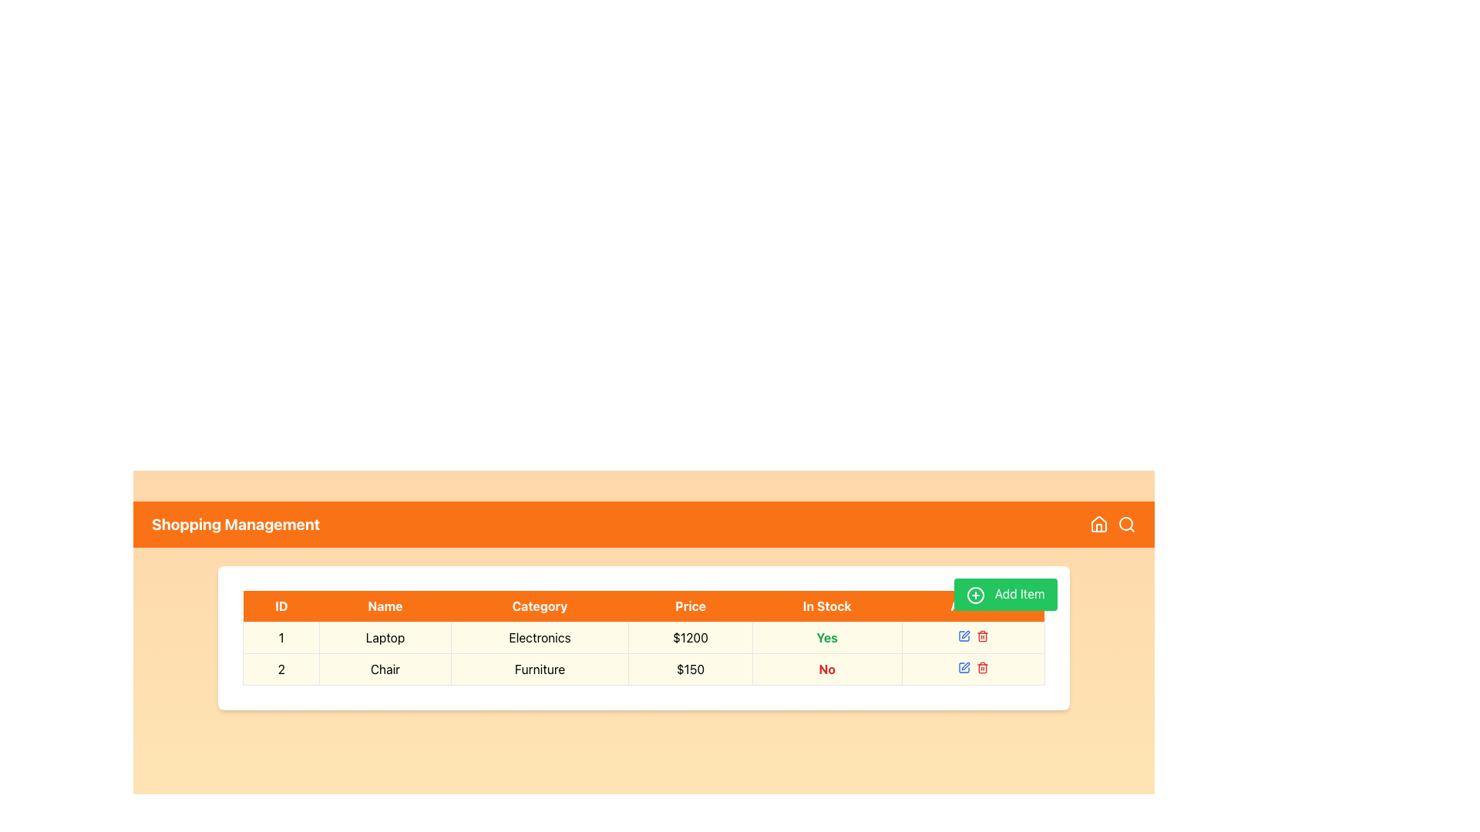  What do you see at coordinates (540, 668) in the screenshot?
I see `text from the table cell located in the third column of the second row under the 'Category' column, adjacent to the 'Chair' entry` at bounding box center [540, 668].